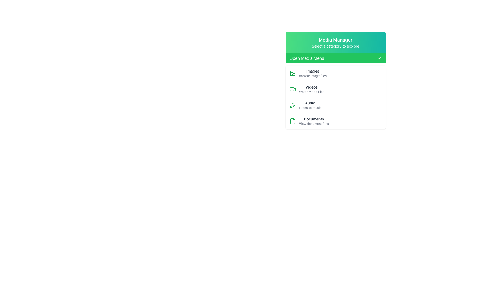 The height and width of the screenshot is (282, 502). Describe the element at coordinates (335, 105) in the screenshot. I see `the third option in the vertical list of categories` at that location.